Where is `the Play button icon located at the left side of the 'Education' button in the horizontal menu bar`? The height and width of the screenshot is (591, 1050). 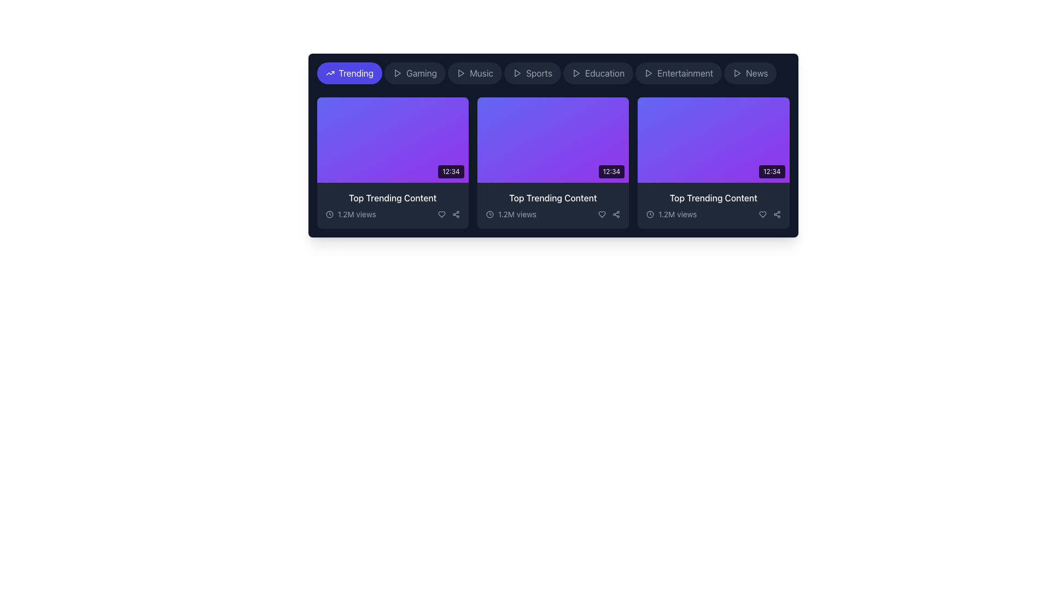 the Play button icon located at the left side of the 'Education' button in the horizontal menu bar is located at coordinates (576, 73).